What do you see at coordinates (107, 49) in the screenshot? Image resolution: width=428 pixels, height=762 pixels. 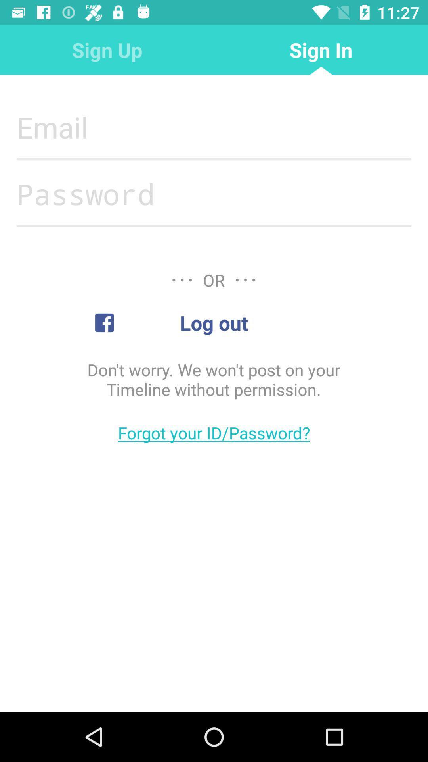 I see `the item at the top left corner` at bounding box center [107, 49].